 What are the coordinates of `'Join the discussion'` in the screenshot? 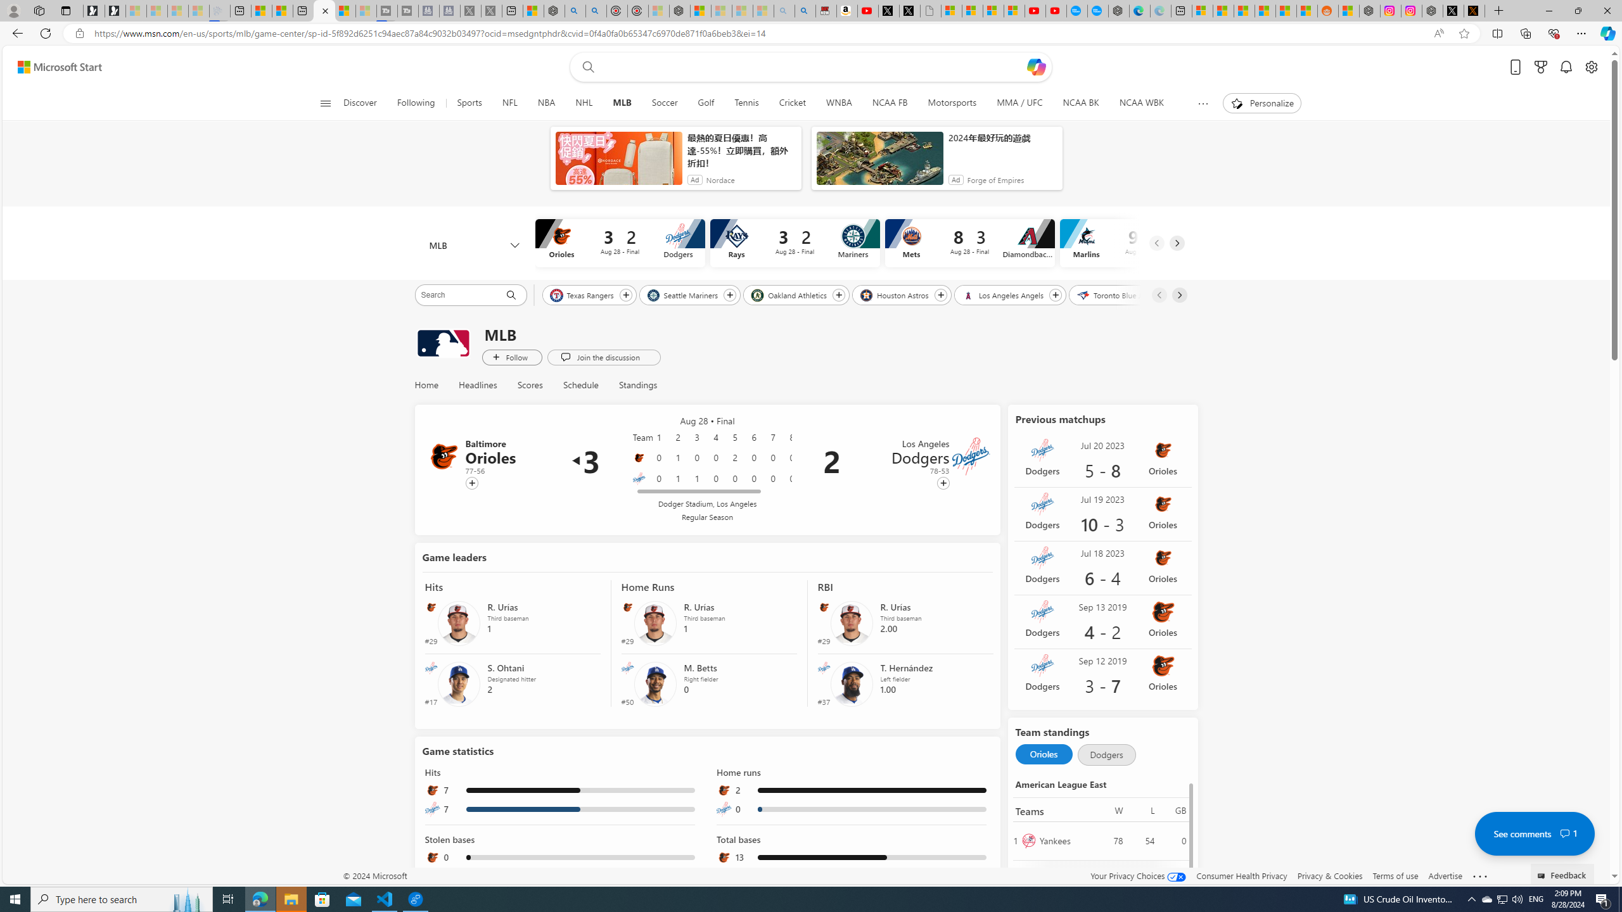 It's located at (603, 357).